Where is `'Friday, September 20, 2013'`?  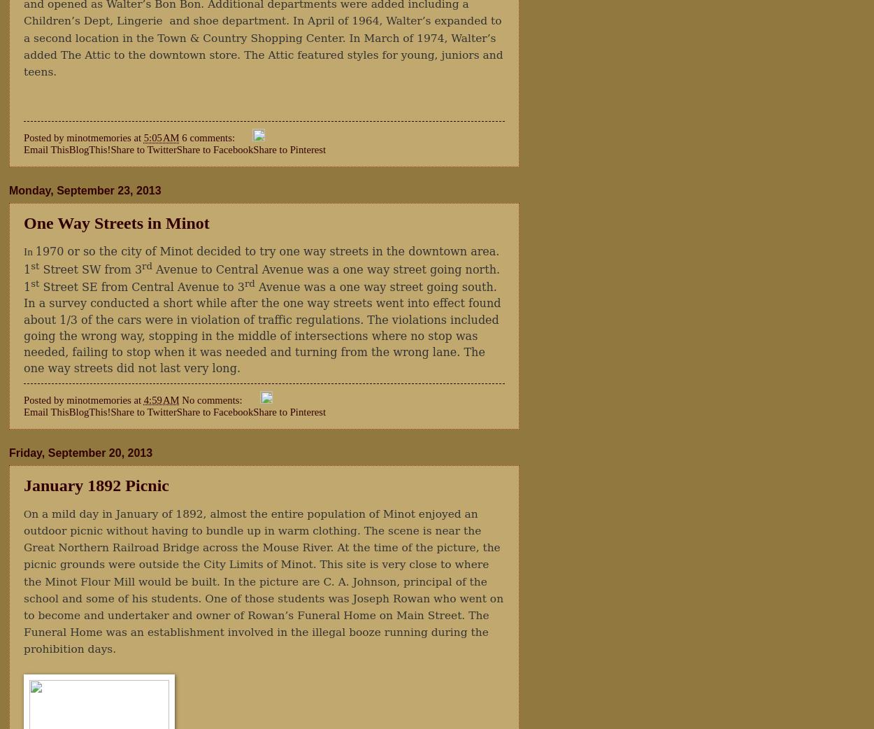 'Friday, September 20, 2013' is located at coordinates (80, 453).